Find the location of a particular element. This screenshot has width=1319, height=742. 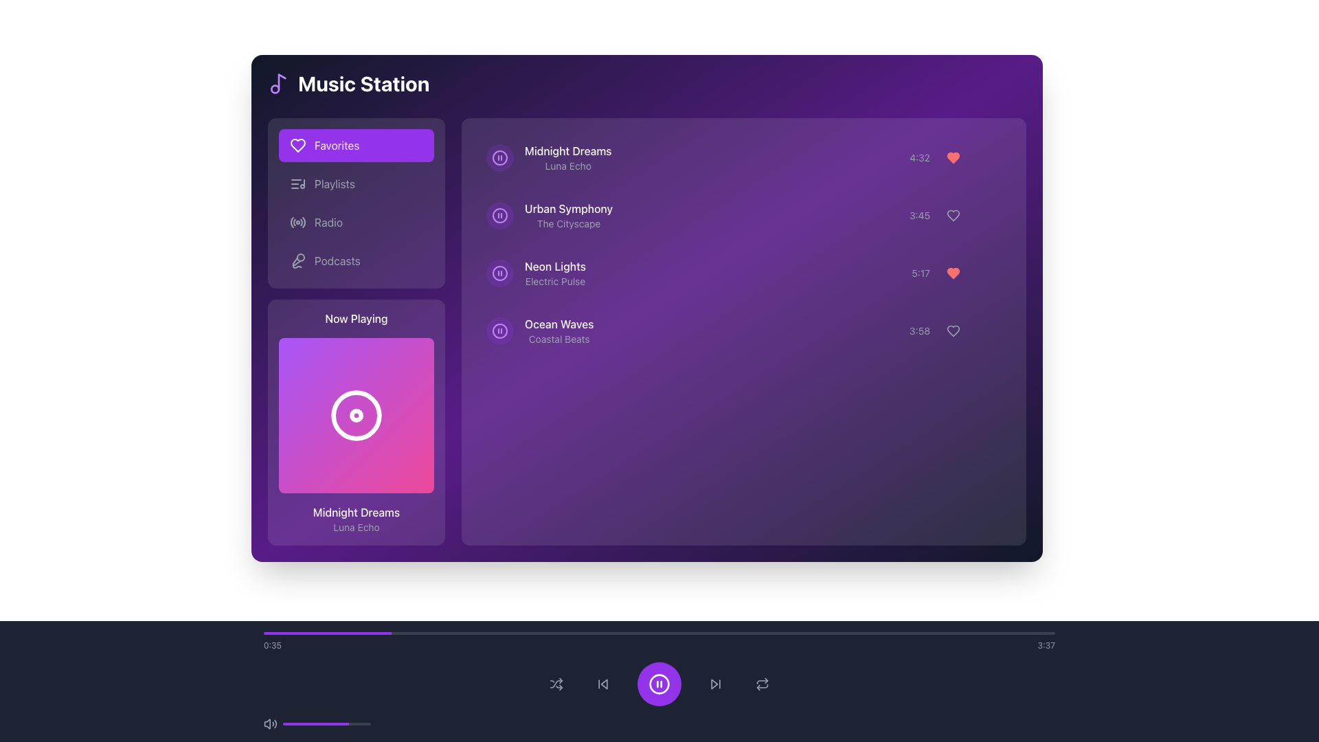

the first song track list item in the 'Now Playing' section is located at coordinates (548, 157).